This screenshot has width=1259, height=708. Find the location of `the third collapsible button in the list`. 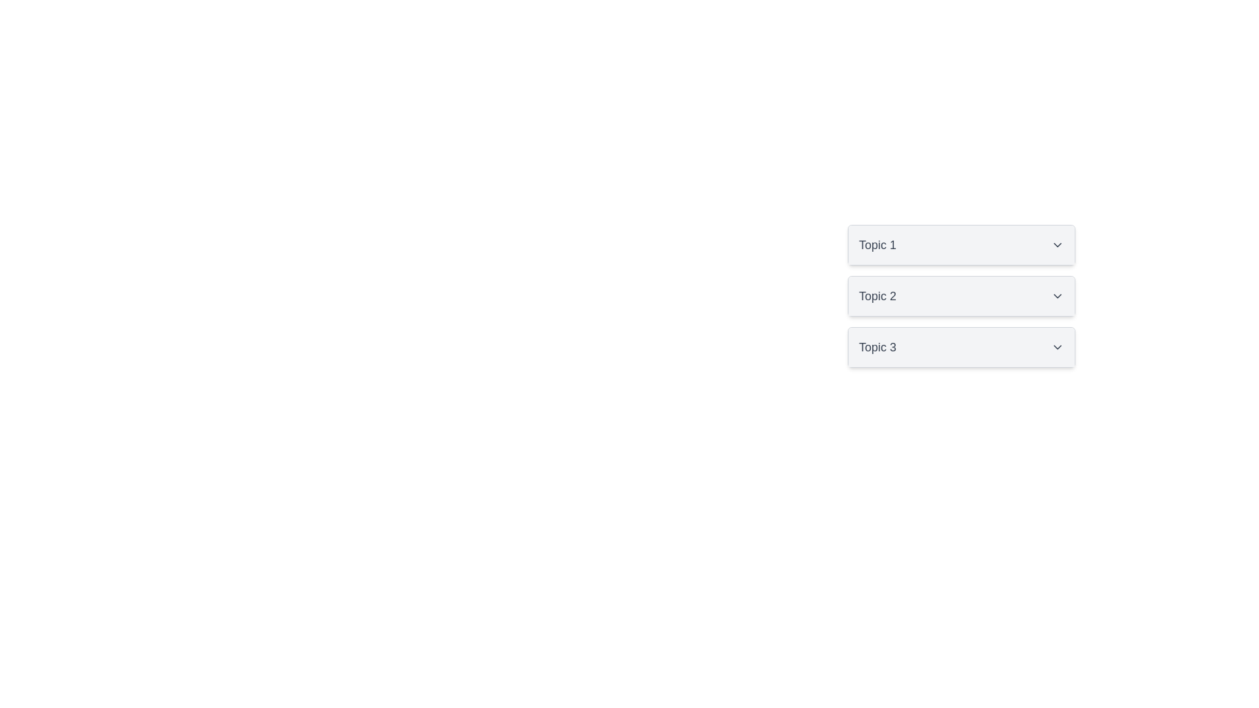

the third collapsible button in the list is located at coordinates (961, 346).